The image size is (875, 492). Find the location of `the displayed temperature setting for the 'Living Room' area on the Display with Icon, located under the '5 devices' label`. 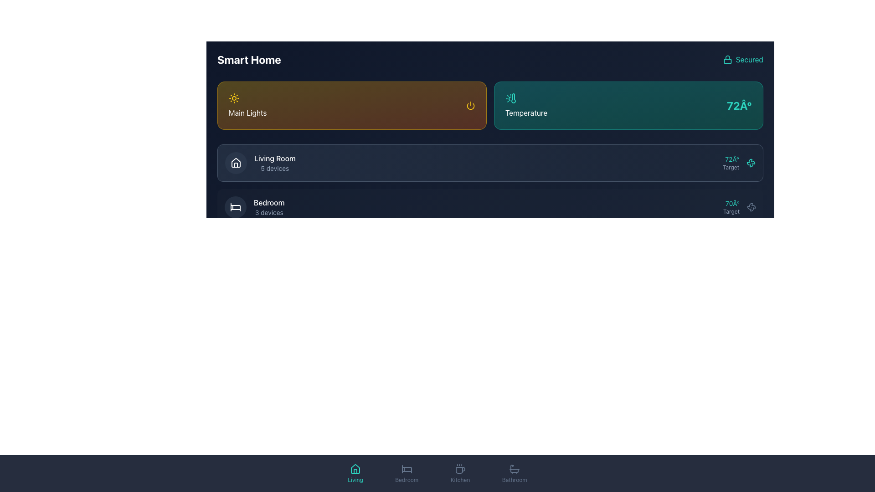

the displayed temperature setting for the 'Living Room' area on the Display with Icon, located under the '5 devices' label is located at coordinates (739, 163).